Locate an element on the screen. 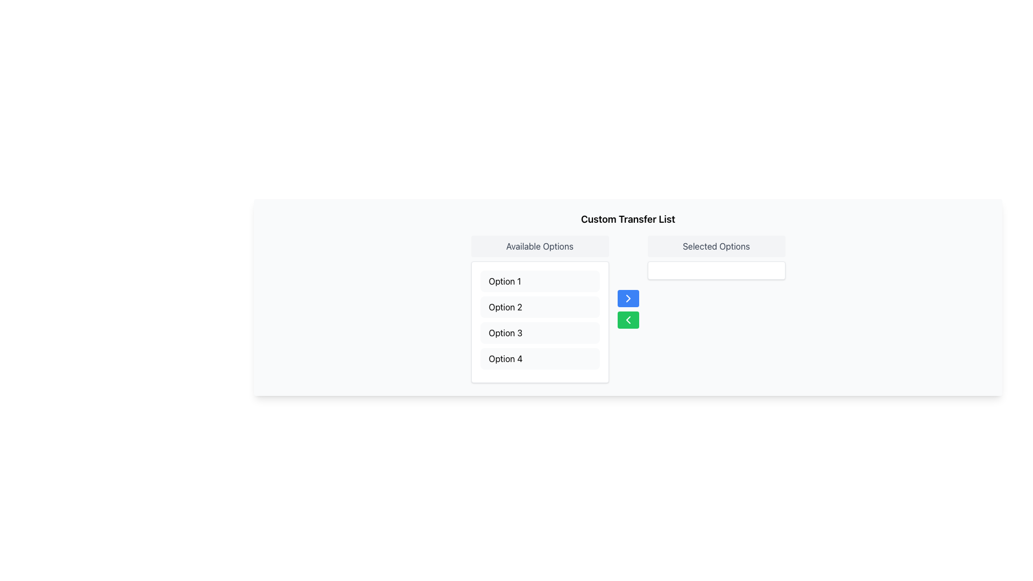 The image size is (1033, 581). the first selectable list item displaying 'Option 1' is located at coordinates (540, 281).